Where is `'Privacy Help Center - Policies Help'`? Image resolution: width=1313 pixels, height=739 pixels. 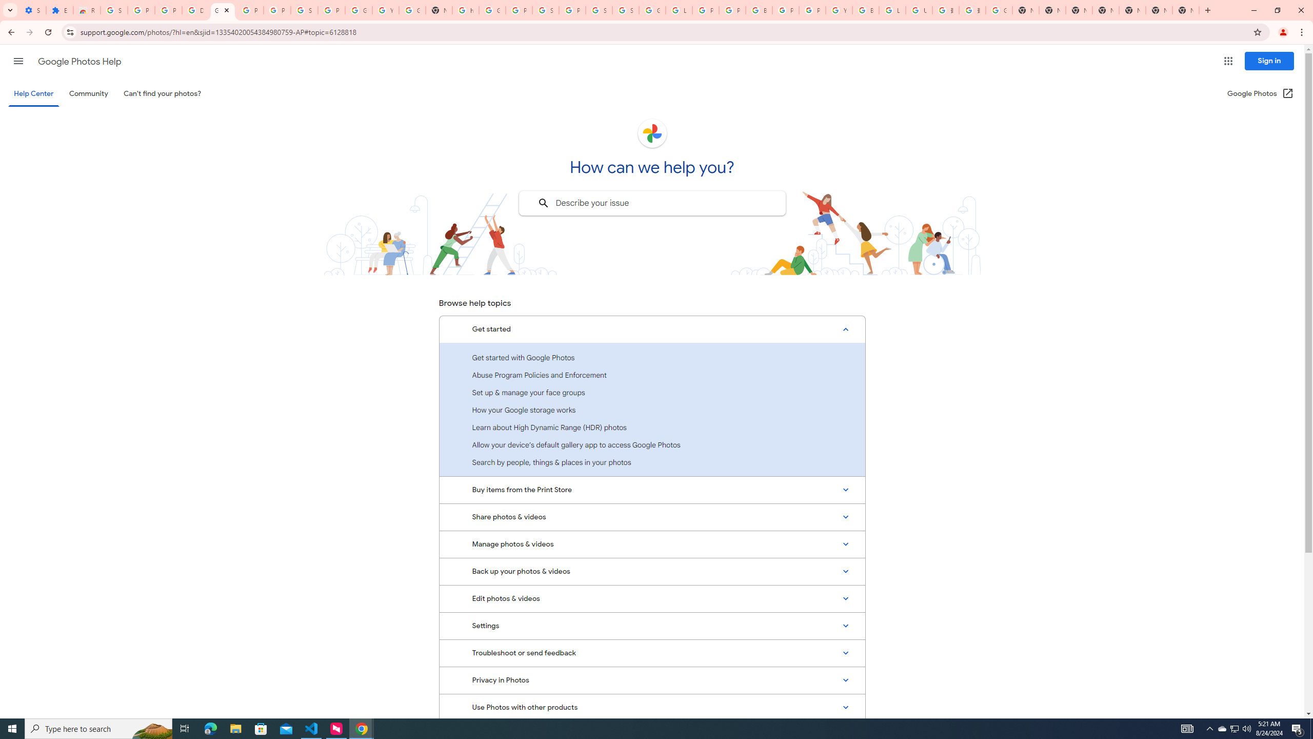 'Privacy Help Center - Policies Help' is located at coordinates (705, 10).